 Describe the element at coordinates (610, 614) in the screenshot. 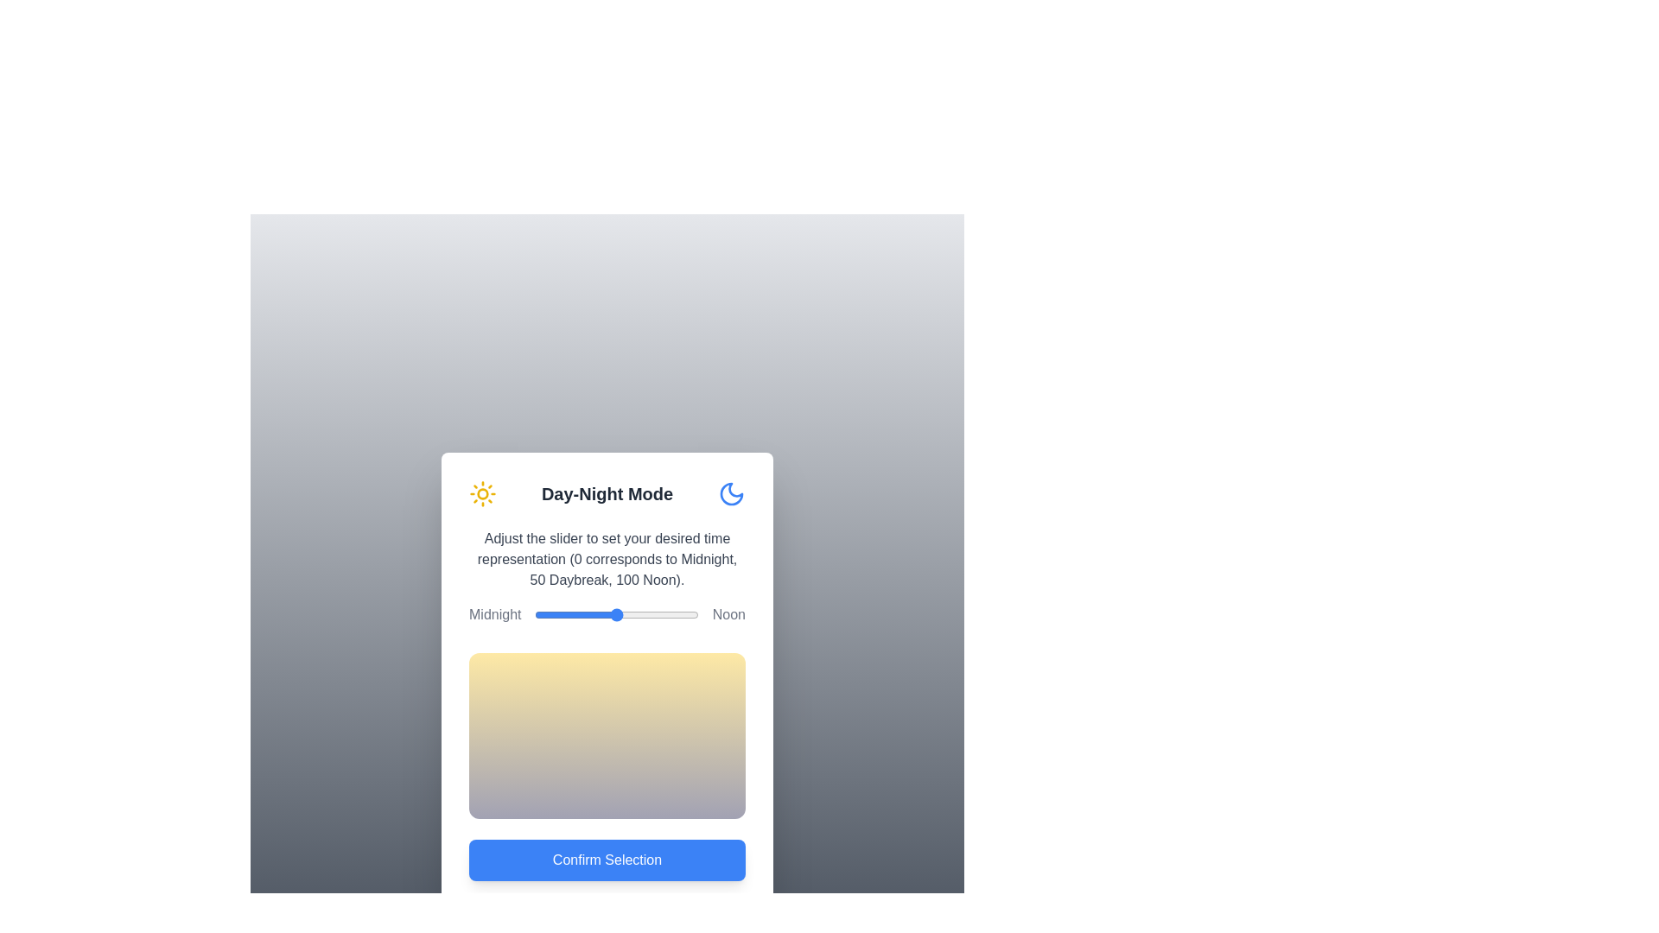

I see `the slider to set the time representation to 46, observing the gradient change` at that location.